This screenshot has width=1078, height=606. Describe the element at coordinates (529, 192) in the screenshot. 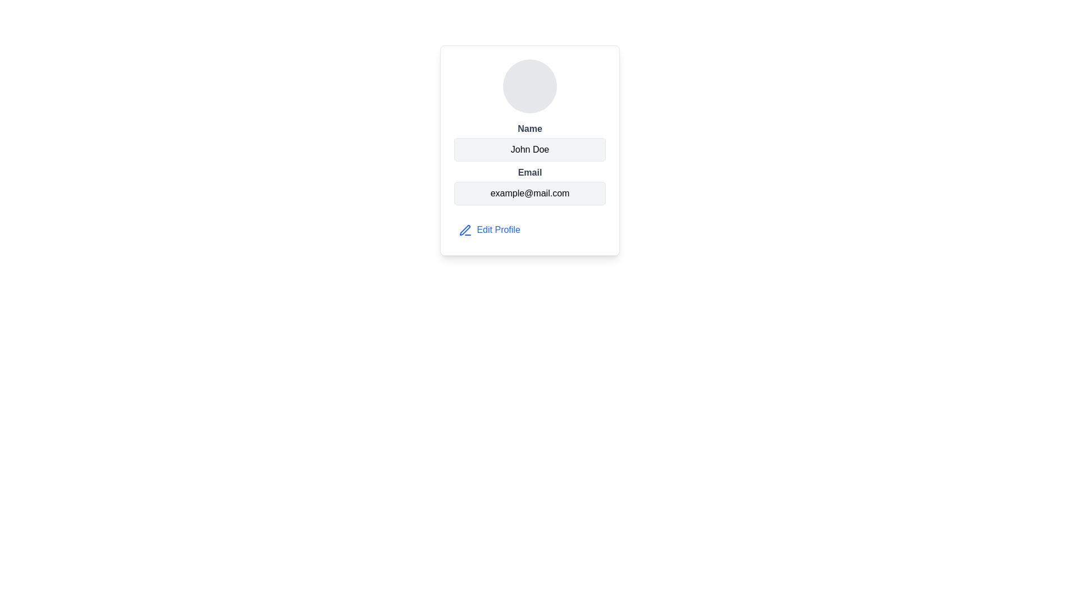

I see `the Static Text Box displaying 'example@mail.com', which is located below the 'Email' label within a profile card layout` at that location.